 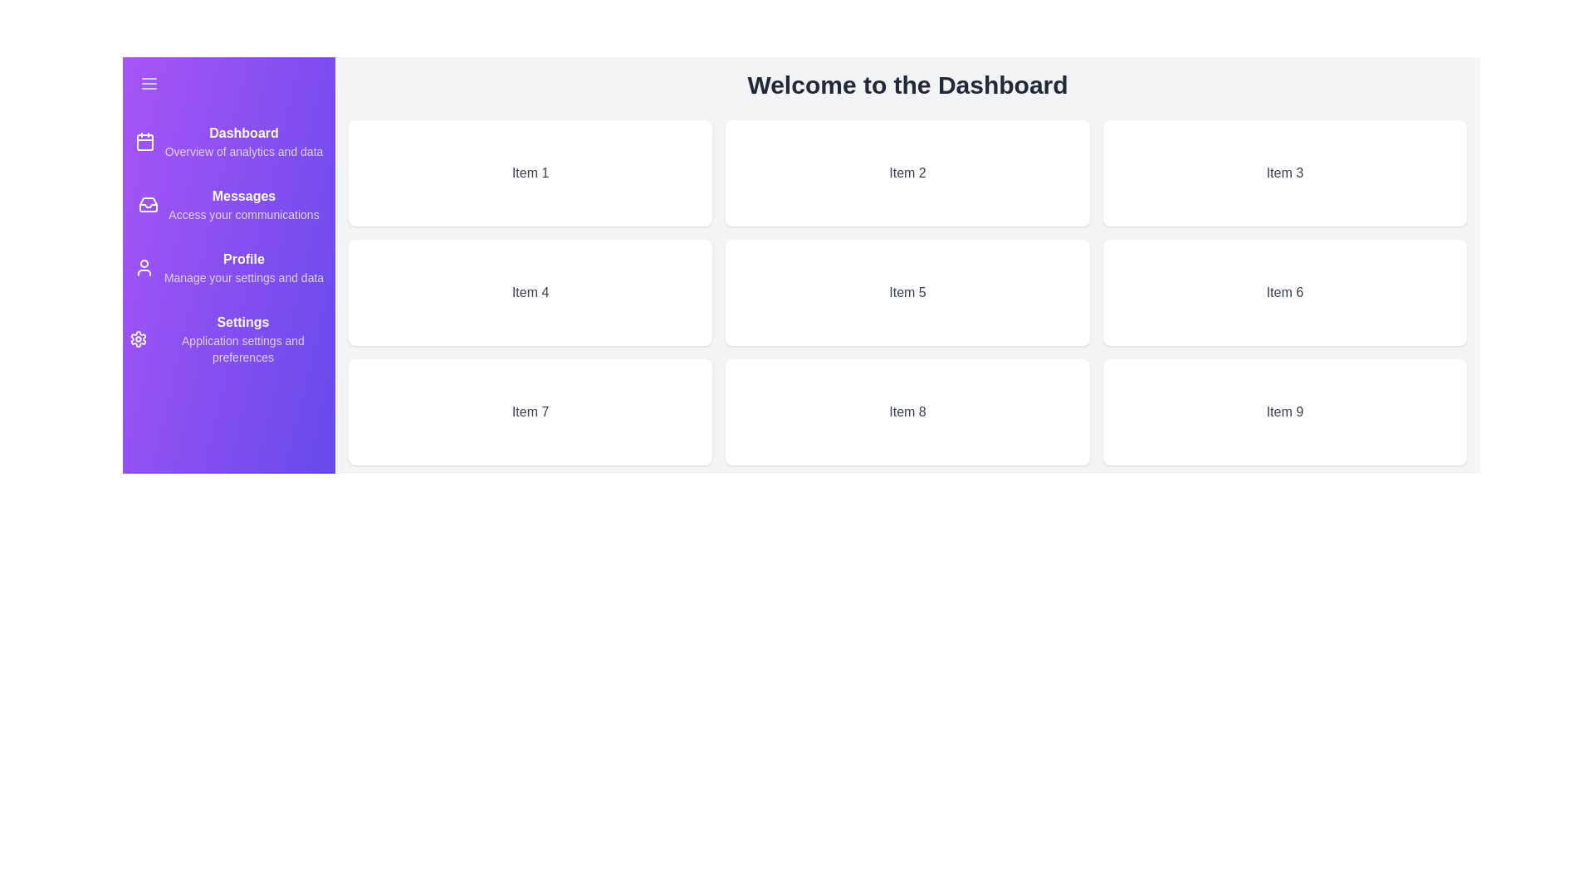 What do you see at coordinates (227, 267) in the screenshot?
I see `the navigation item corresponding to Profile` at bounding box center [227, 267].